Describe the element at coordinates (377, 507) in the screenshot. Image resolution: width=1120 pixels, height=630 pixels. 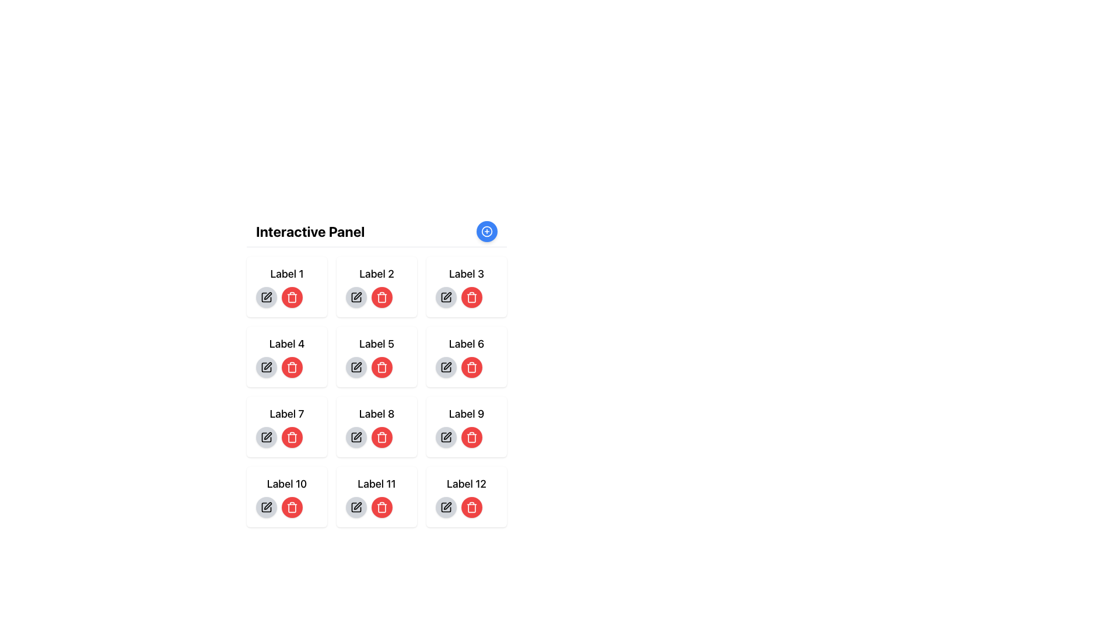
I see `the red circular button with a white trash can icon located under 'Label 11'` at that location.